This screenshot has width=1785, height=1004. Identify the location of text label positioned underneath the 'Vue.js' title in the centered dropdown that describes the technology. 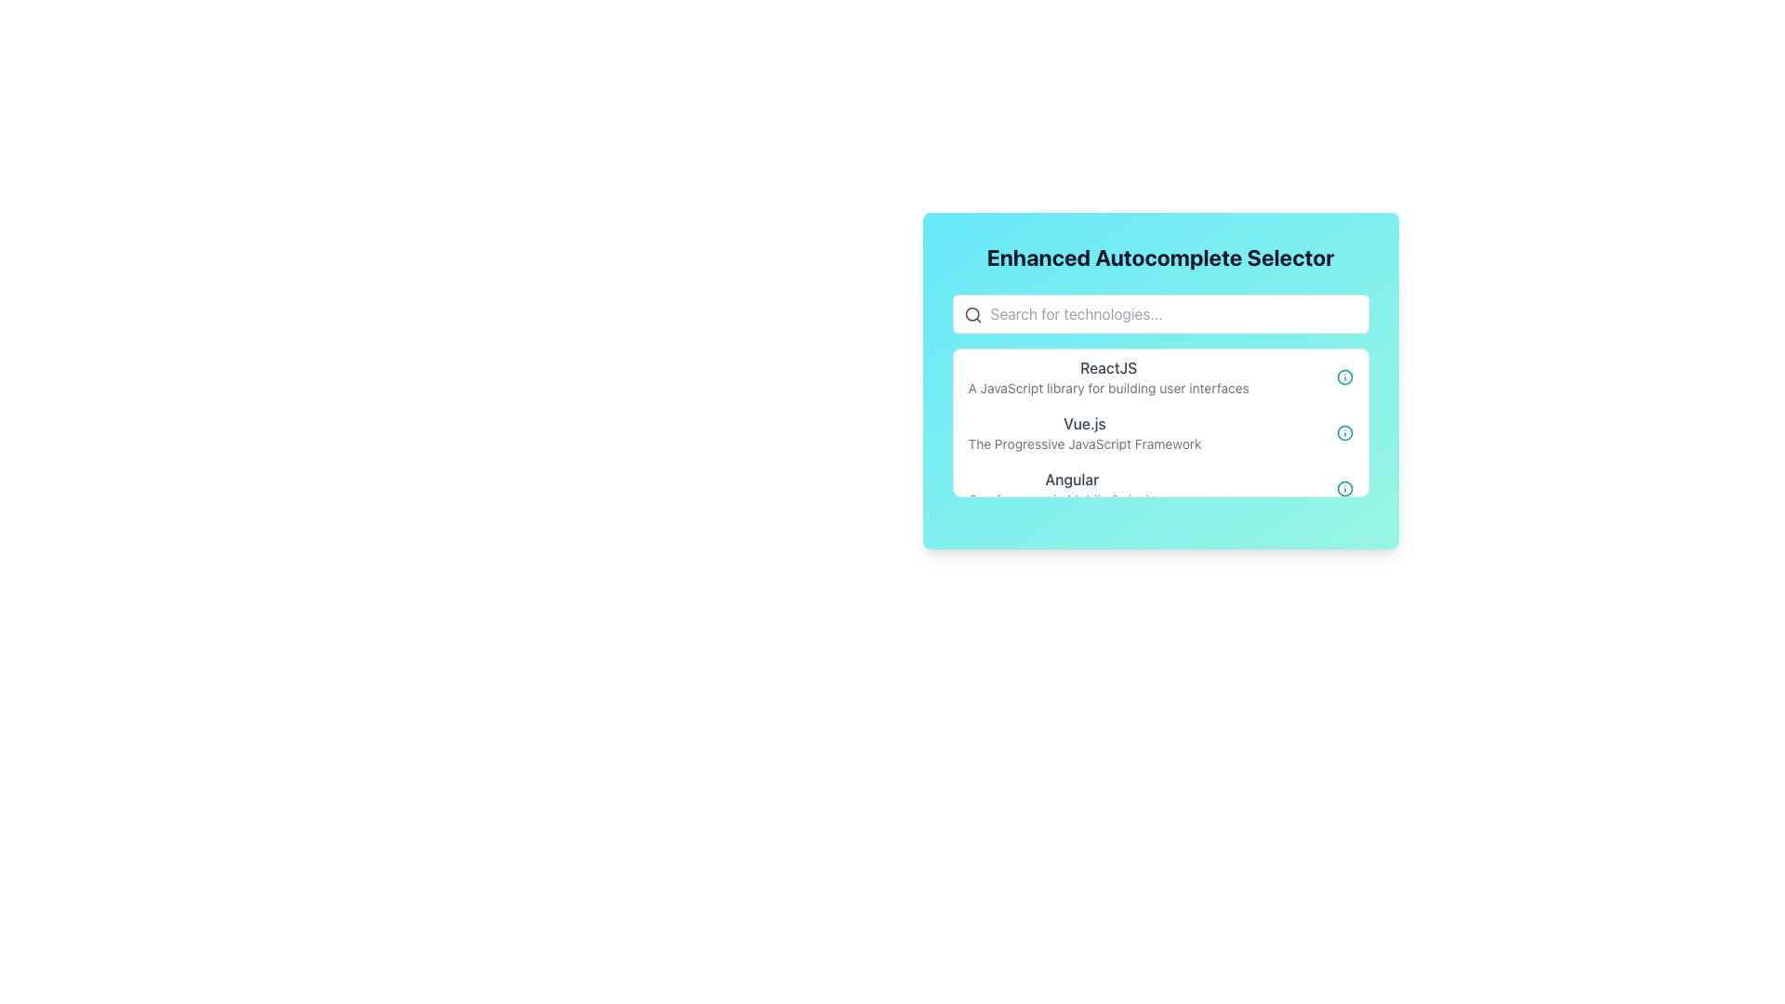
(1084, 444).